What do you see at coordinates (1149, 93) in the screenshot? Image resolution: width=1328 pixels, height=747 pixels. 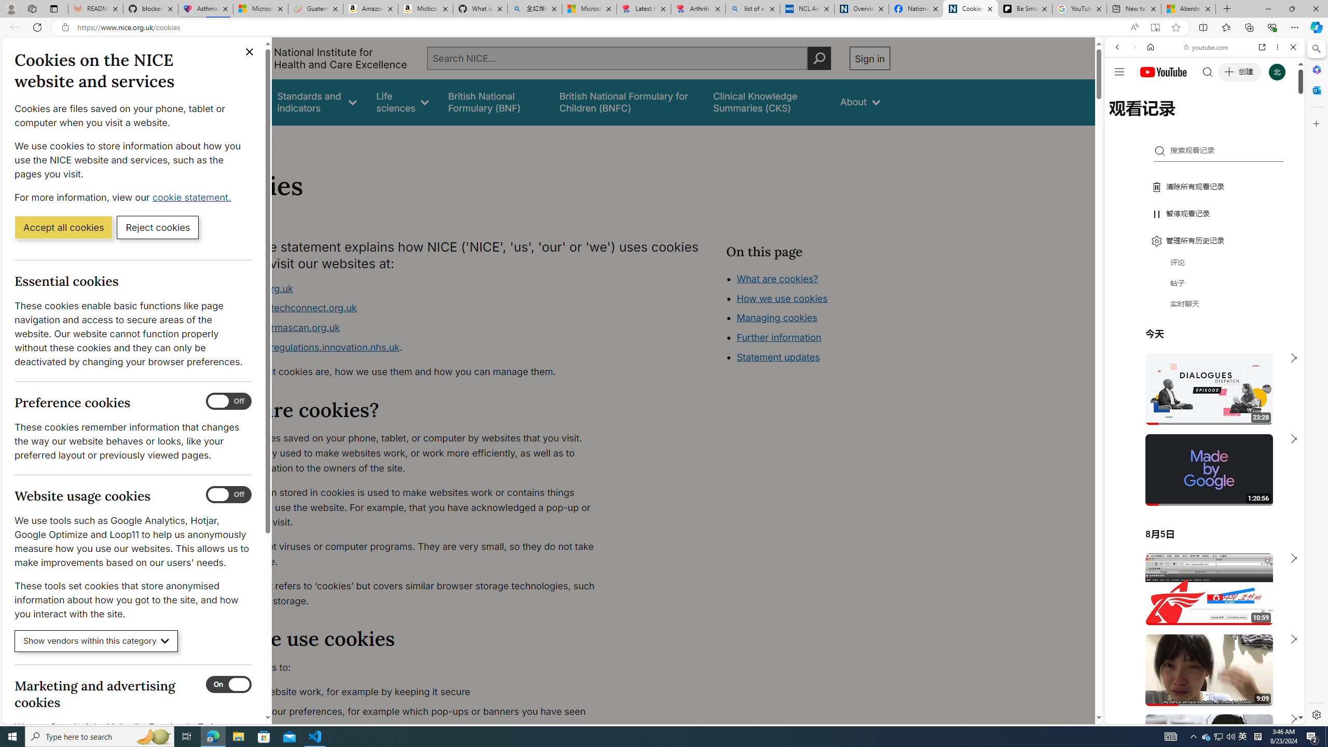 I see `'This site scope'` at bounding box center [1149, 93].